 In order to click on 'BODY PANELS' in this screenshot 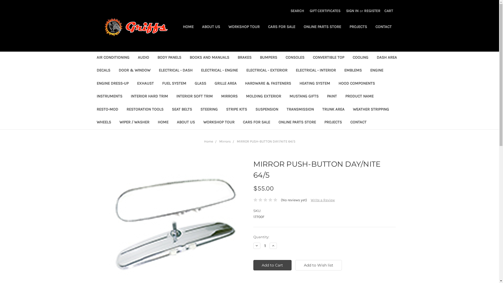, I will do `click(169, 58)`.